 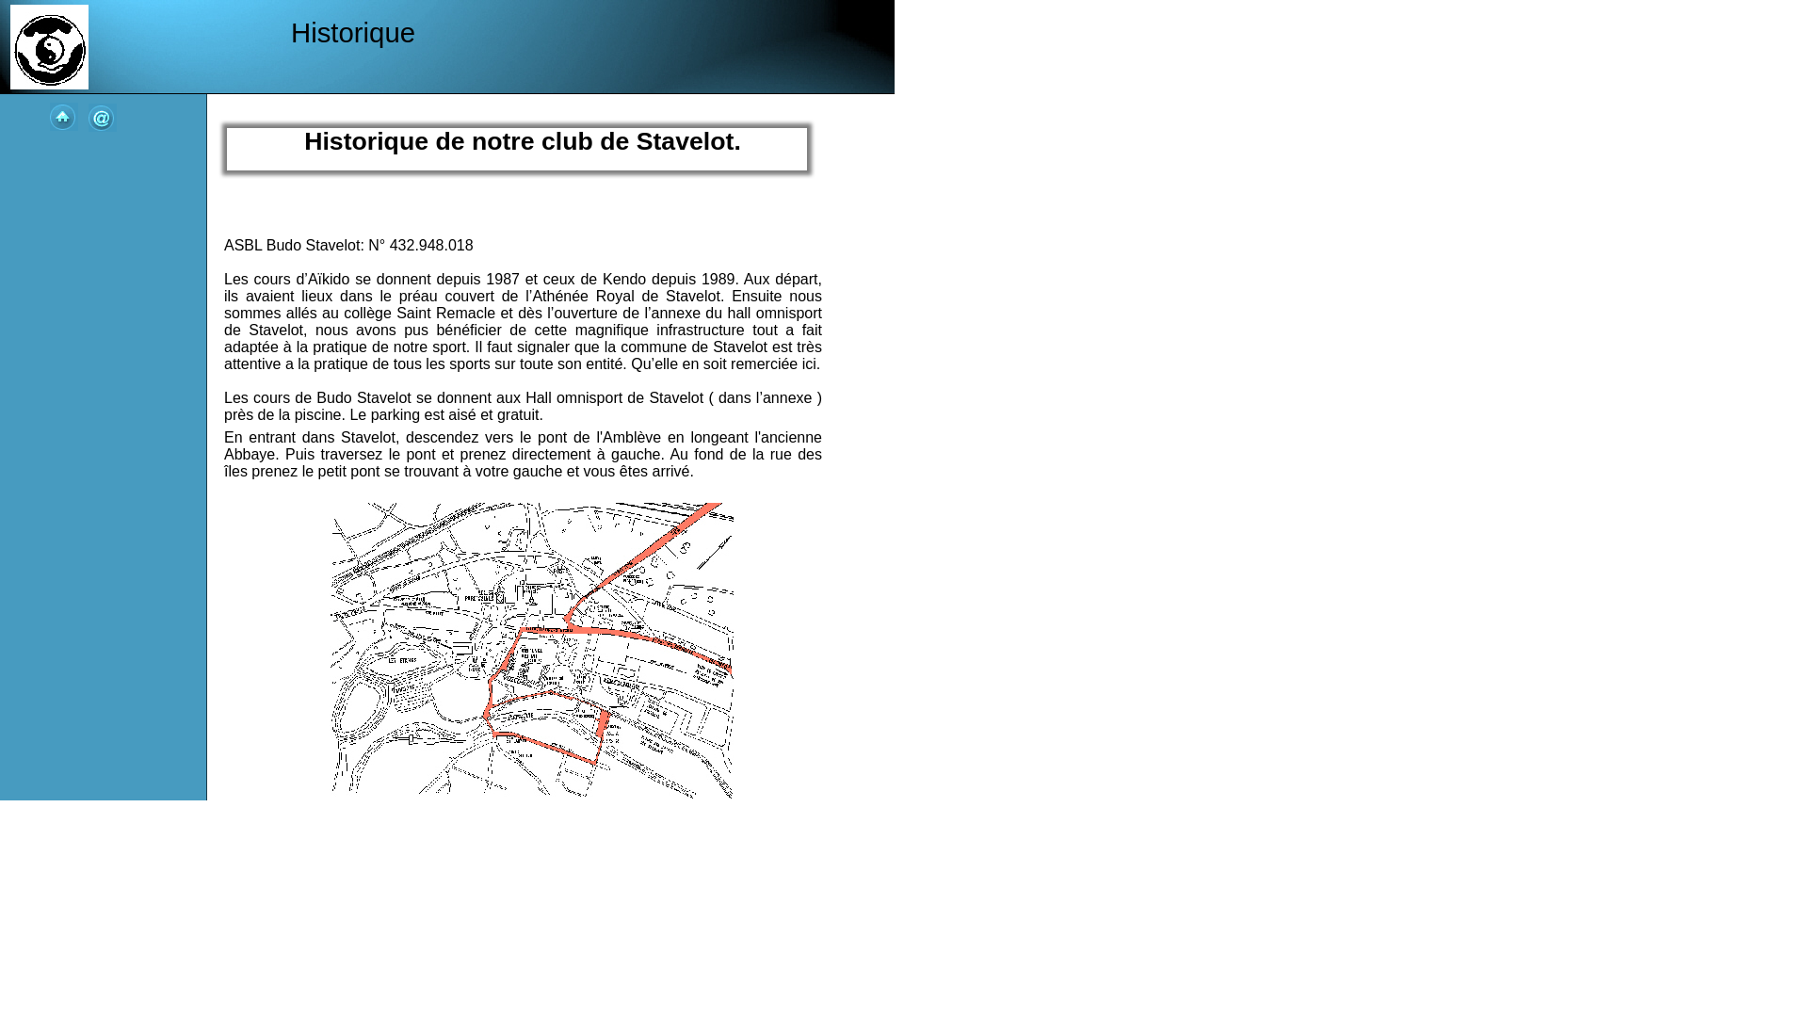 What do you see at coordinates (63, 116) in the screenshot?
I see `'Home'` at bounding box center [63, 116].